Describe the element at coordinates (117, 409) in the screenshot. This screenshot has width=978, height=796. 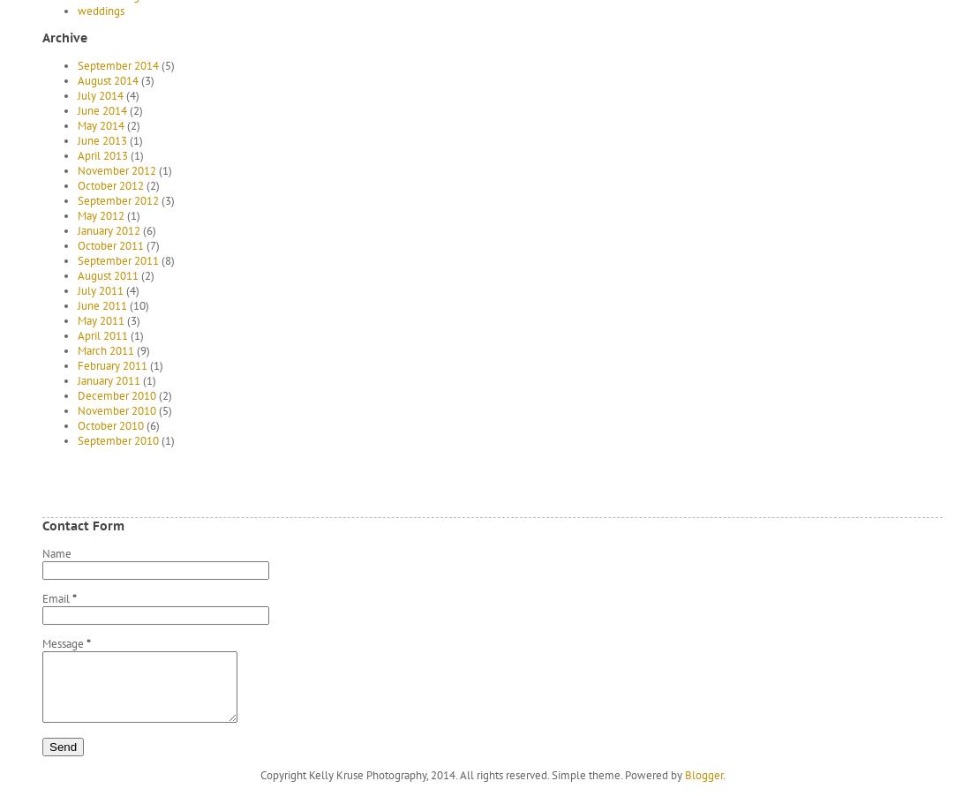
I see `'November 2010'` at that location.